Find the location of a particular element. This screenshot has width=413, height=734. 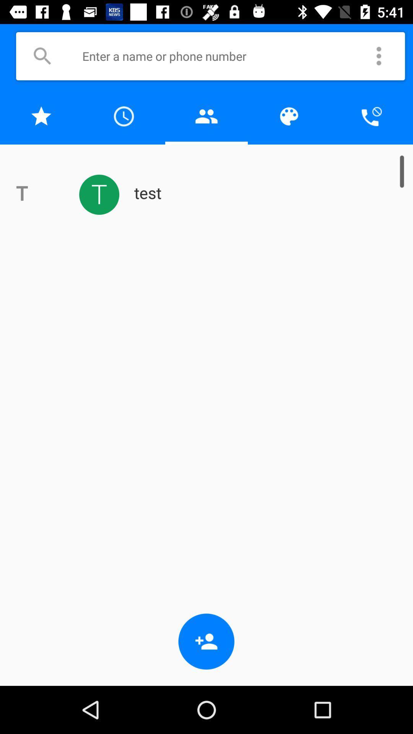

open important contacts is located at coordinates (41, 116).